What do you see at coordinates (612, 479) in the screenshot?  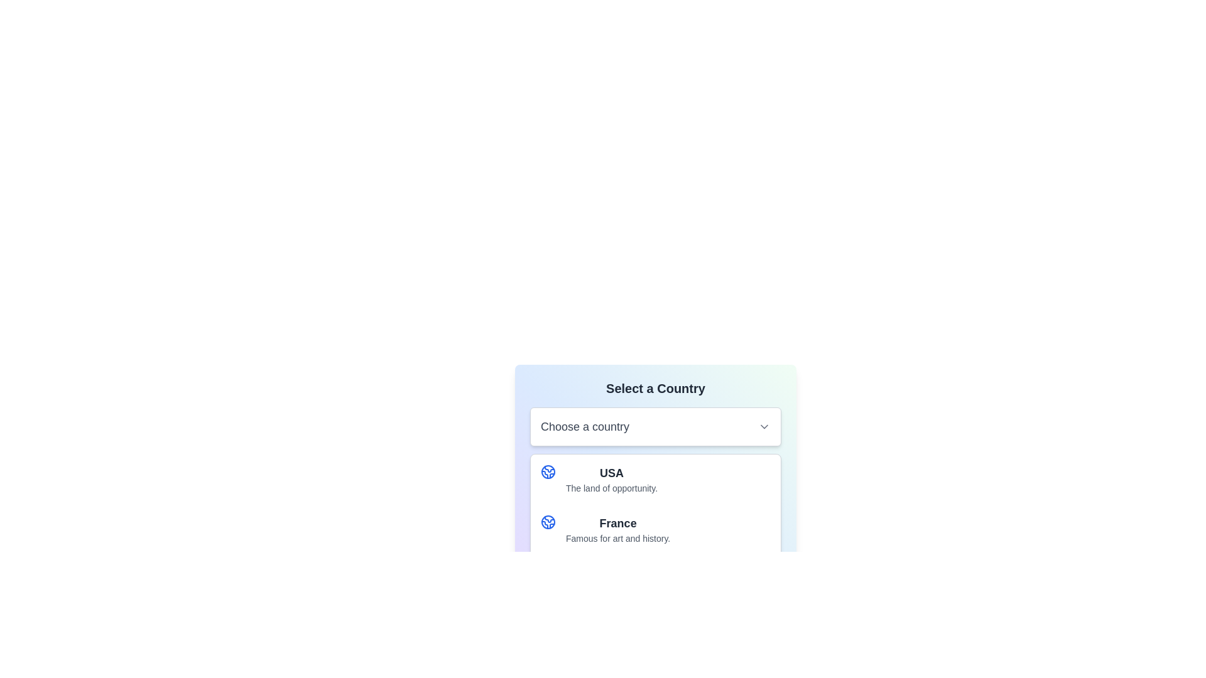 I see `the selectable dropdown list option for 'USA' using keyboard navigation` at bounding box center [612, 479].